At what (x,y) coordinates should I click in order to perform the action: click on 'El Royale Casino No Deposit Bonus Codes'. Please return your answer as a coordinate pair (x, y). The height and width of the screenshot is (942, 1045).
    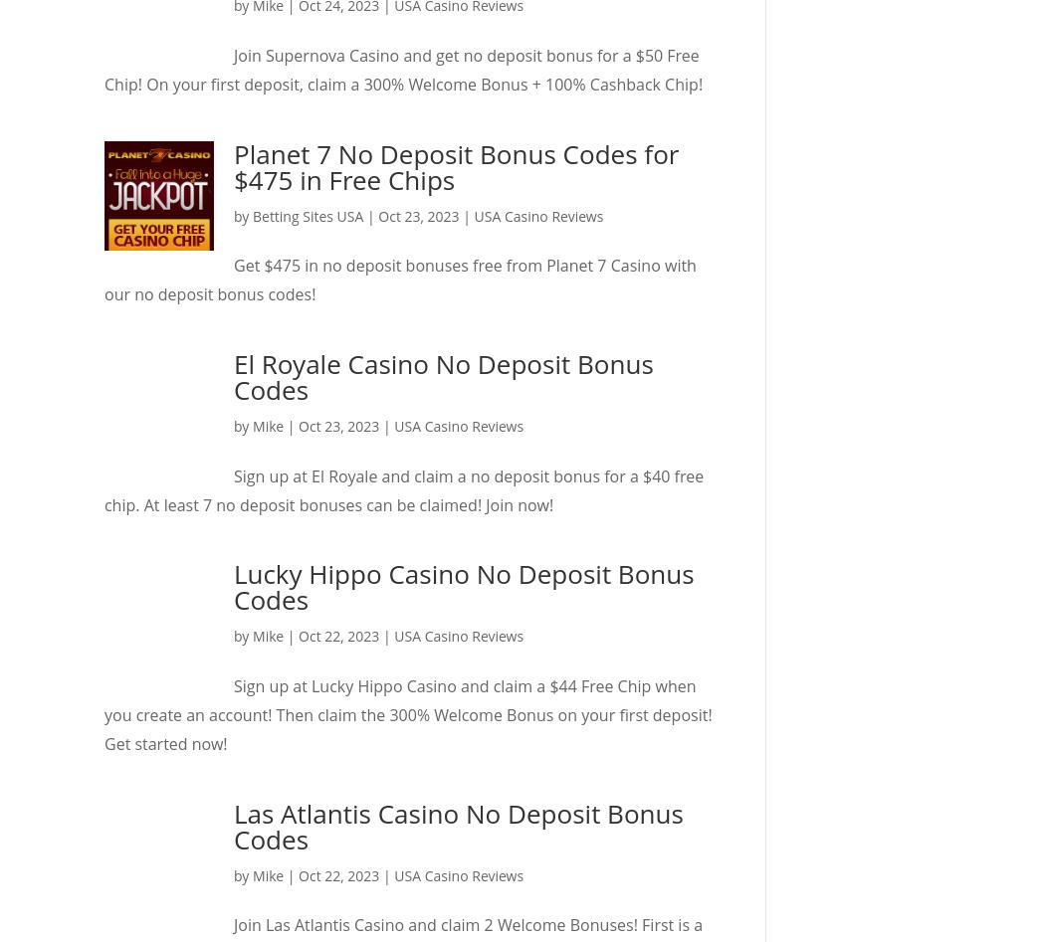
    Looking at the image, I should click on (442, 375).